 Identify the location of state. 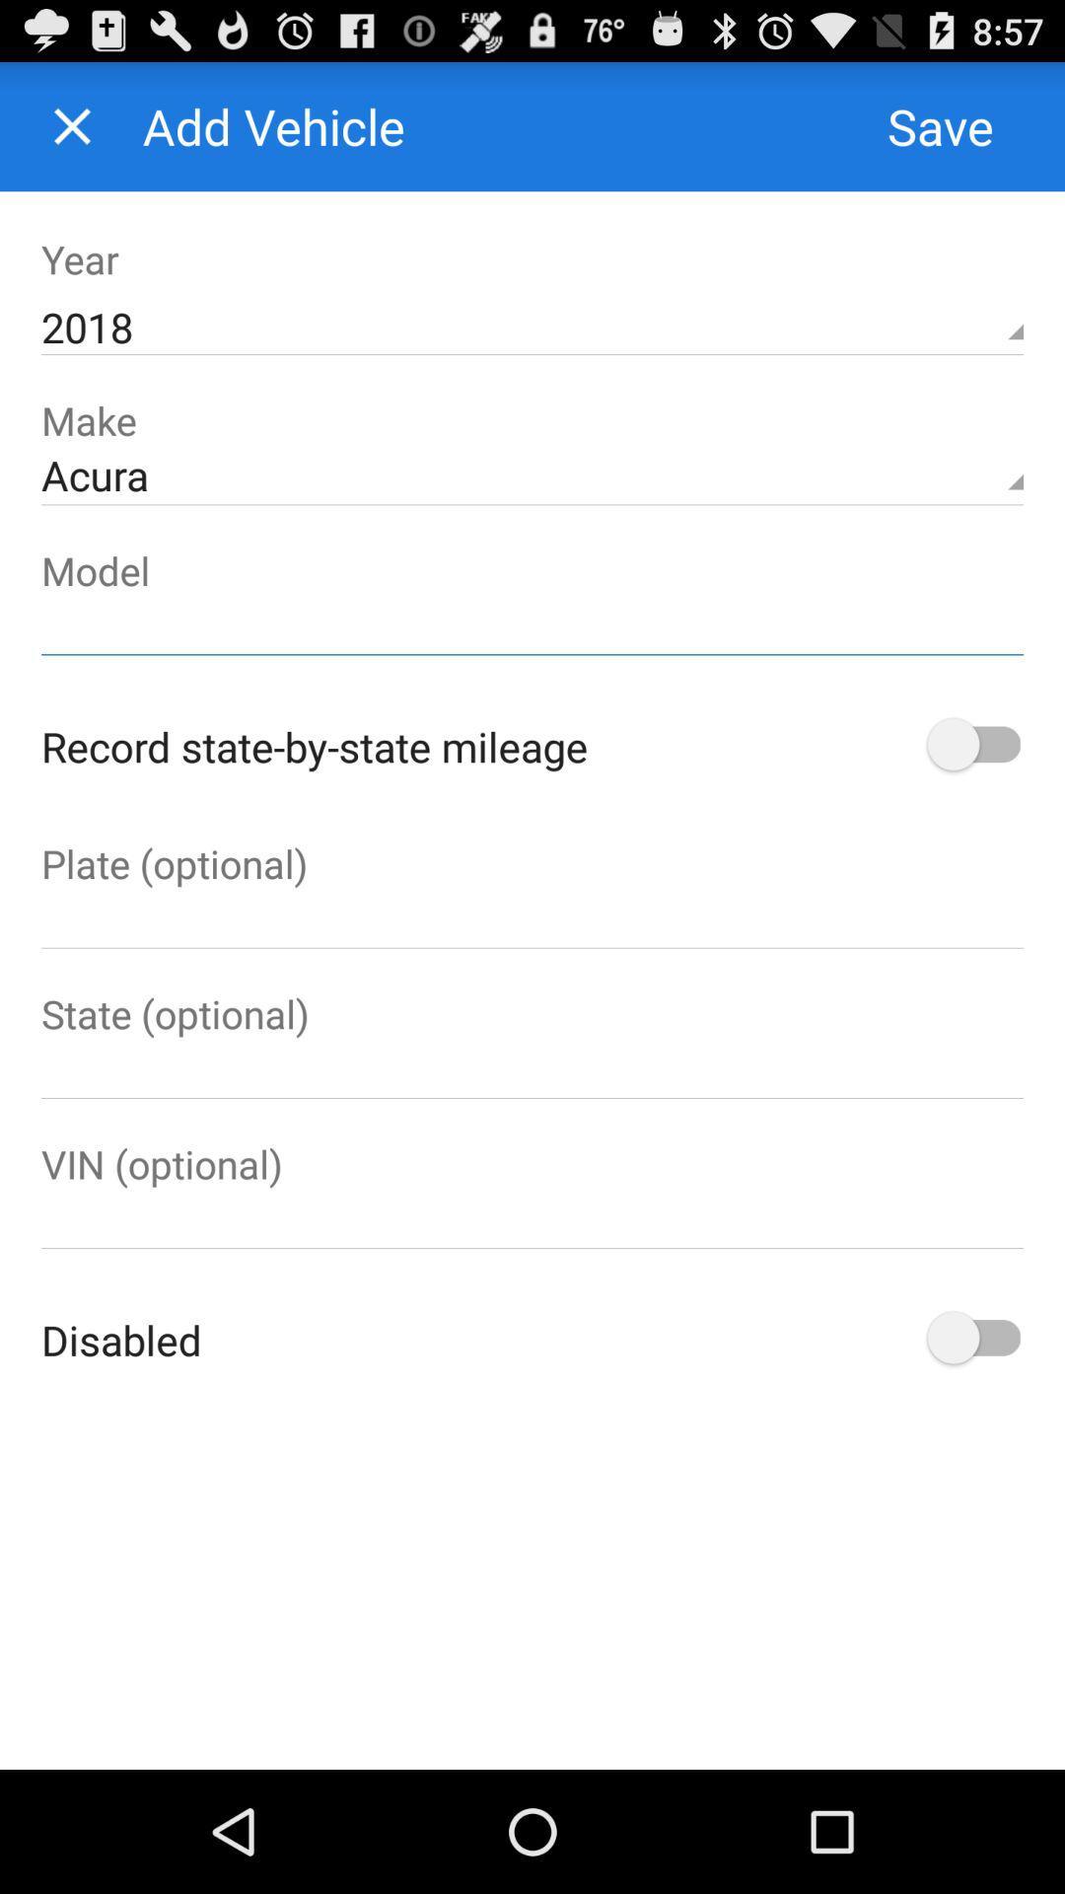
(532, 1068).